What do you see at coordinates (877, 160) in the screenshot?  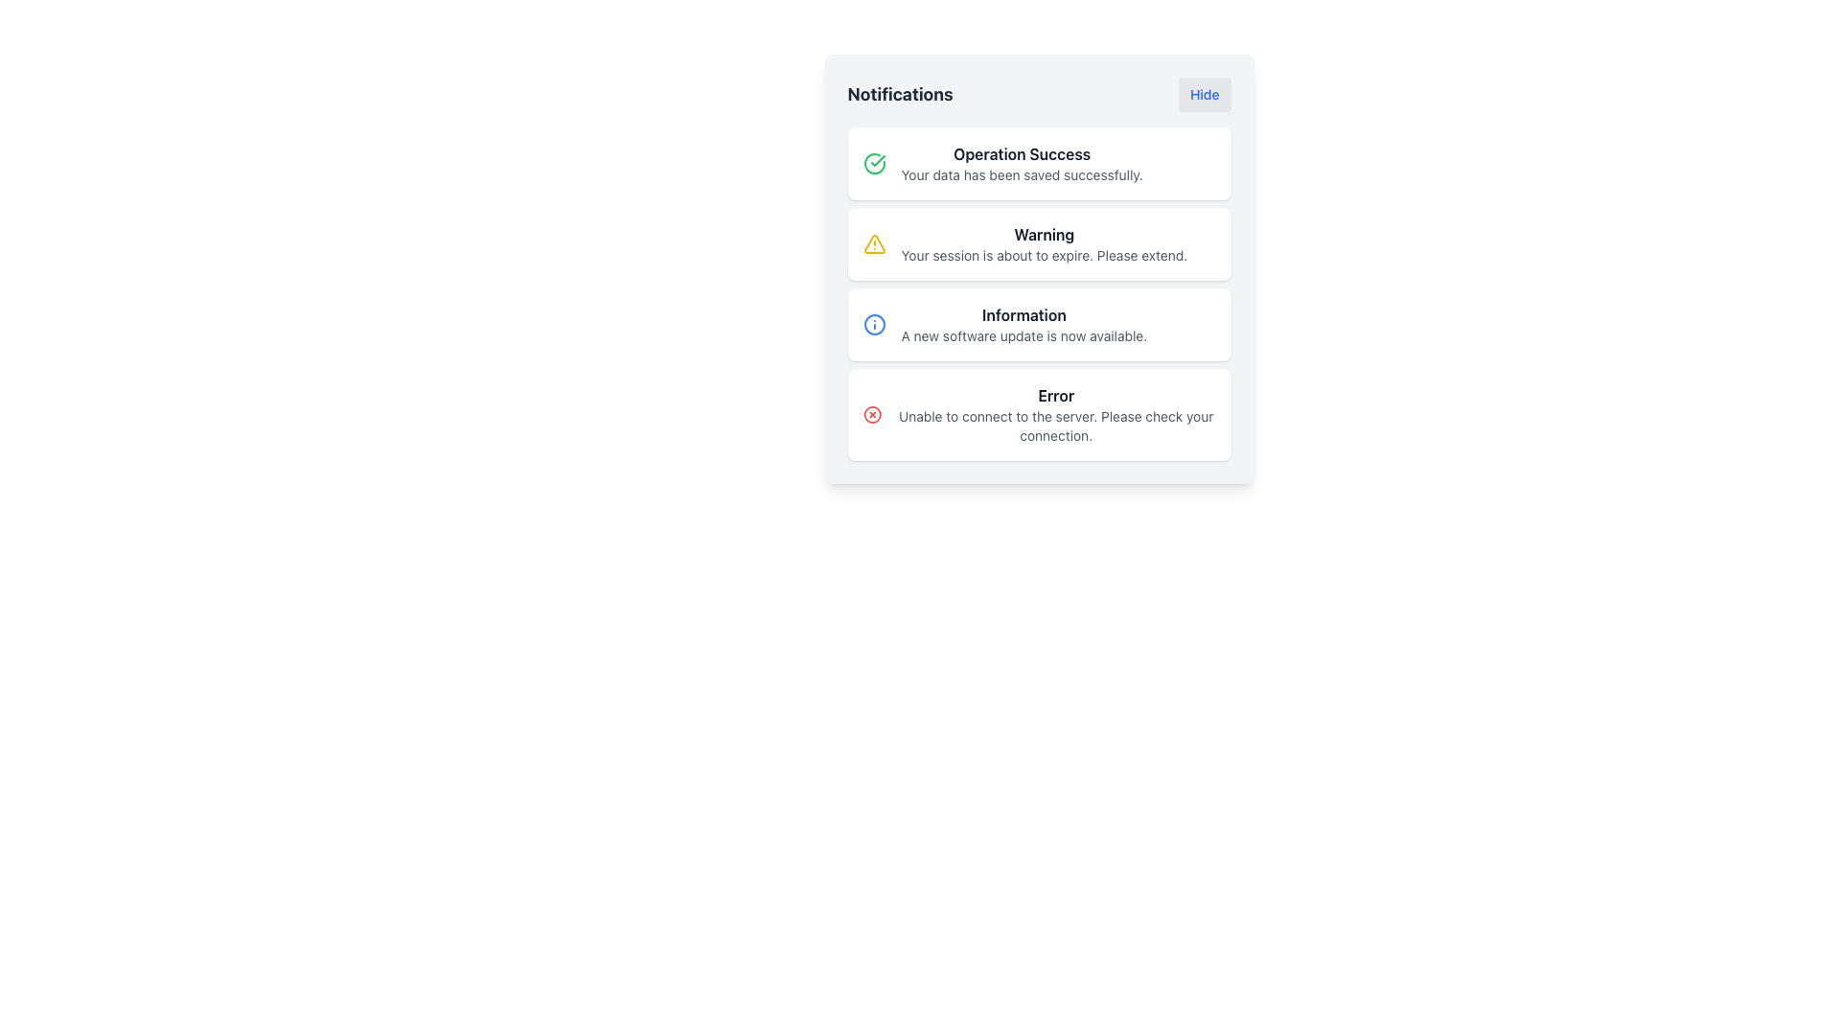 I see `the Graphical Icon - Checkmark located to the left of the 'Operation Success' label in the notifications modal, indicating the success state` at bounding box center [877, 160].